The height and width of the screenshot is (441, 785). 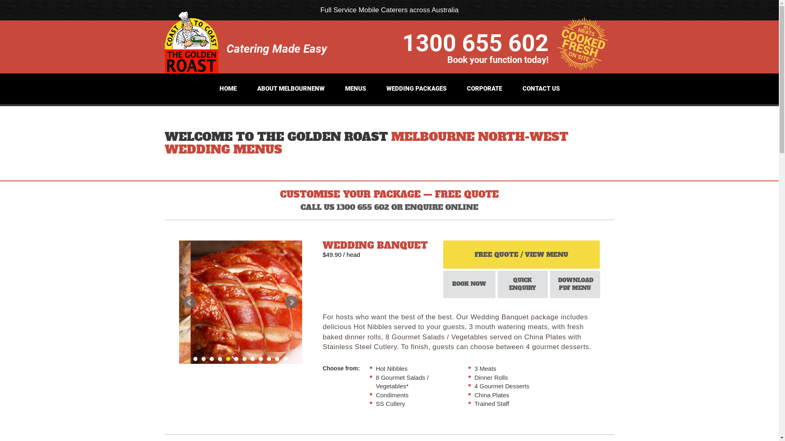 I want to click on 'HOME', so click(x=215, y=89).